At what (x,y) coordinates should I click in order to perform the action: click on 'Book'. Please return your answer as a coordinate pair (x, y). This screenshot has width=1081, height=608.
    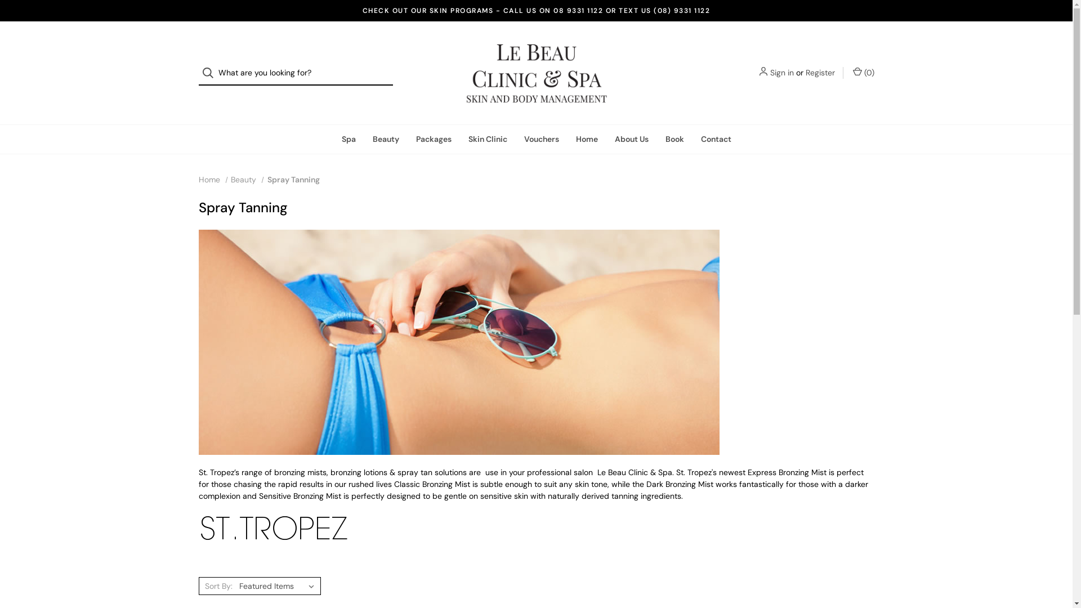
    Looking at the image, I should click on (674, 138).